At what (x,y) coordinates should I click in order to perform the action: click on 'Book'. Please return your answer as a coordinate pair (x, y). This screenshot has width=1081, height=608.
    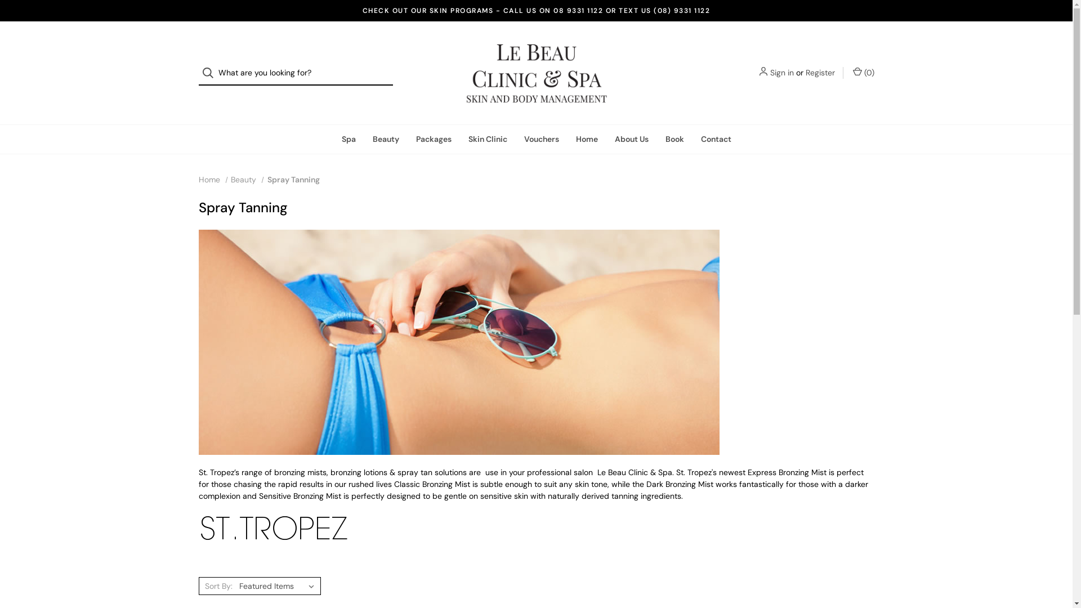
    Looking at the image, I should click on (674, 138).